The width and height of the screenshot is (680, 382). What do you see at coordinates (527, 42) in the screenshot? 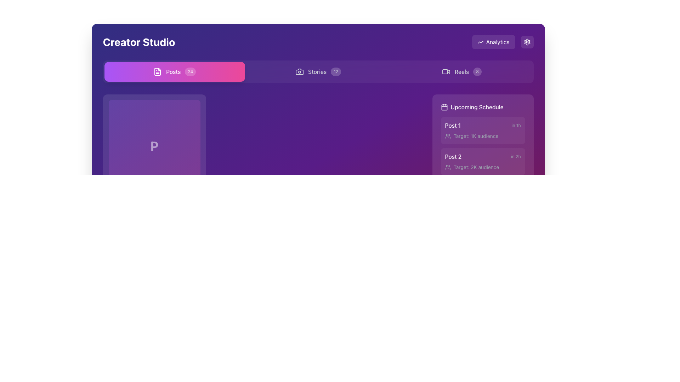
I see `the gear-shaped IconButton located at the top-right corner of the interface` at bounding box center [527, 42].